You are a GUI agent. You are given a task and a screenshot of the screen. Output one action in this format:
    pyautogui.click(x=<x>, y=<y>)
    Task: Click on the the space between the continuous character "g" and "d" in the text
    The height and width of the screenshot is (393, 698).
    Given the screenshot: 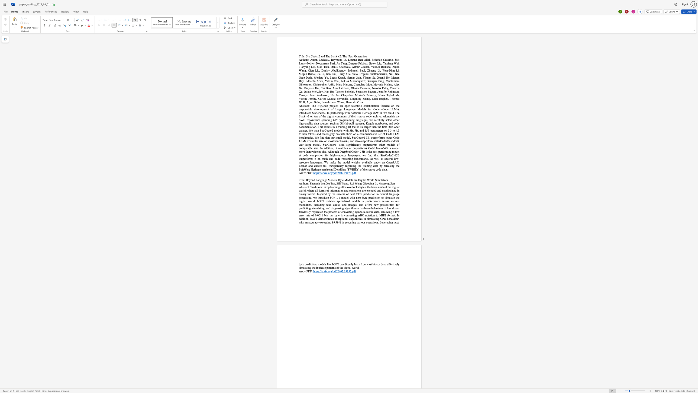 What is the action you would take?
    pyautogui.click(x=317, y=183)
    